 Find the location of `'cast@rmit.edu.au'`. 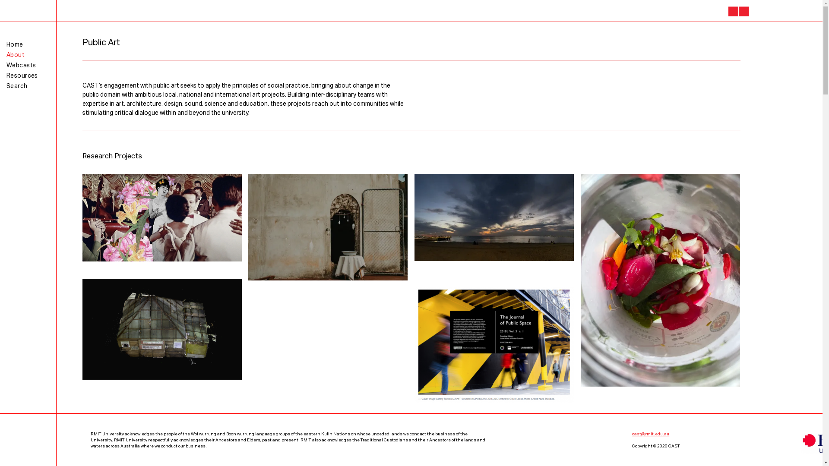

'cast@rmit.edu.au' is located at coordinates (651, 434).